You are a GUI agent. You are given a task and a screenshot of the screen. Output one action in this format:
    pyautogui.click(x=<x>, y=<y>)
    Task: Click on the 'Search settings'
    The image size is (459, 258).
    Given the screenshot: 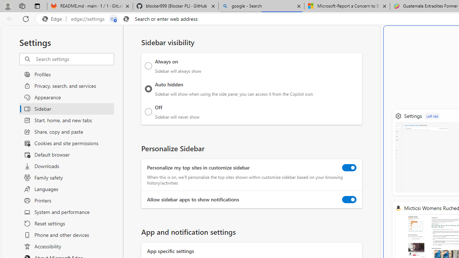 What is the action you would take?
    pyautogui.click(x=75, y=59)
    